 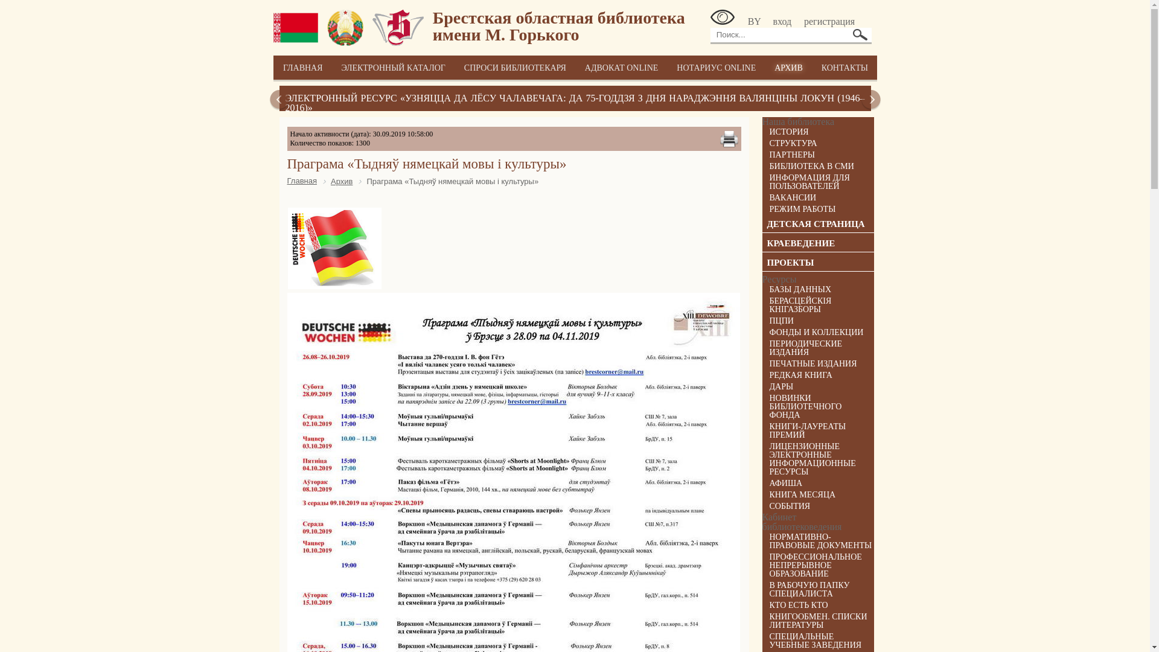 I want to click on 'BY', so click(x=747, y=21).